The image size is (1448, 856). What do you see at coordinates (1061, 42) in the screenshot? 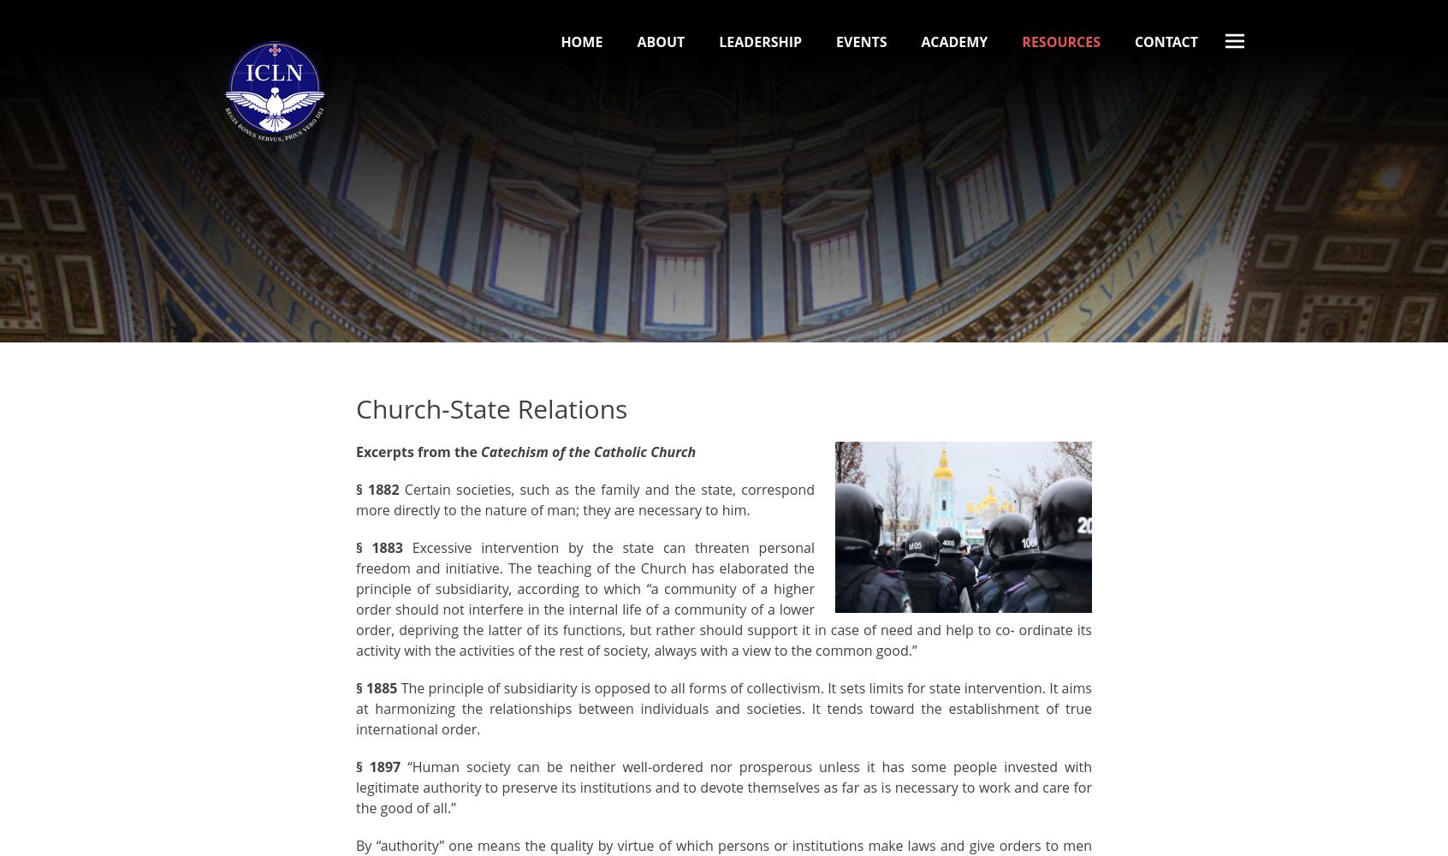
I see `'Resources'` at bounding box center [1061, 42].